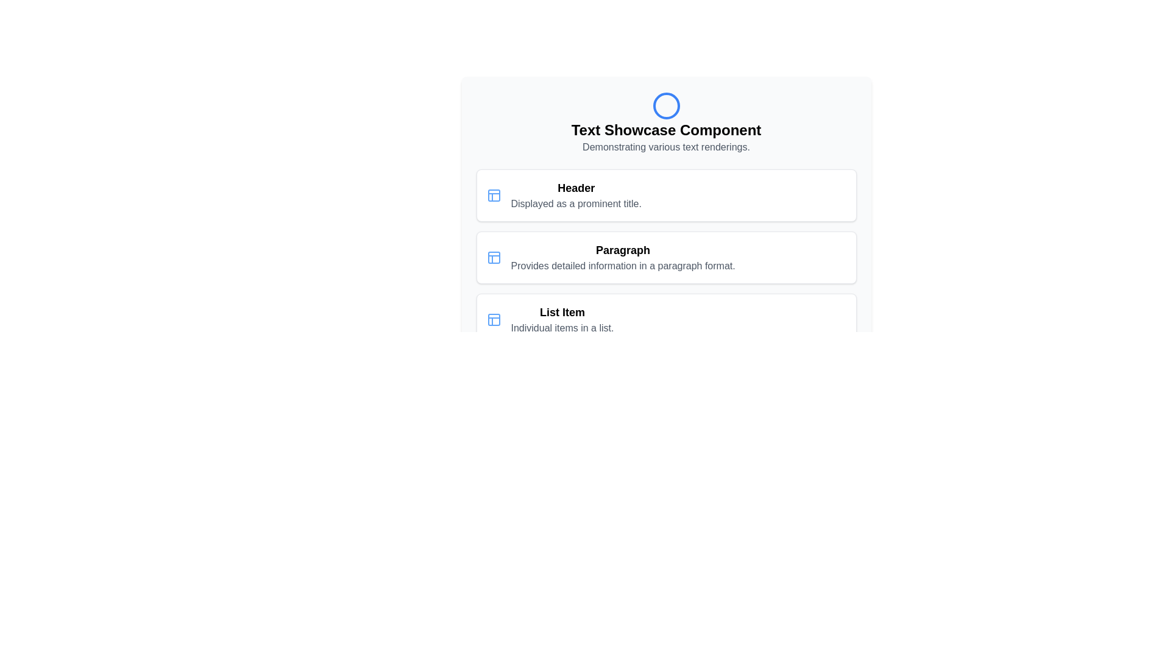 The image size is (1170, 658). I want to click on displayed text from the Textual Content Block that is the third item in the 'Text Showcase Component' list, positioned between the 'Paragraph' item and subsequent content, so click(561, 319).